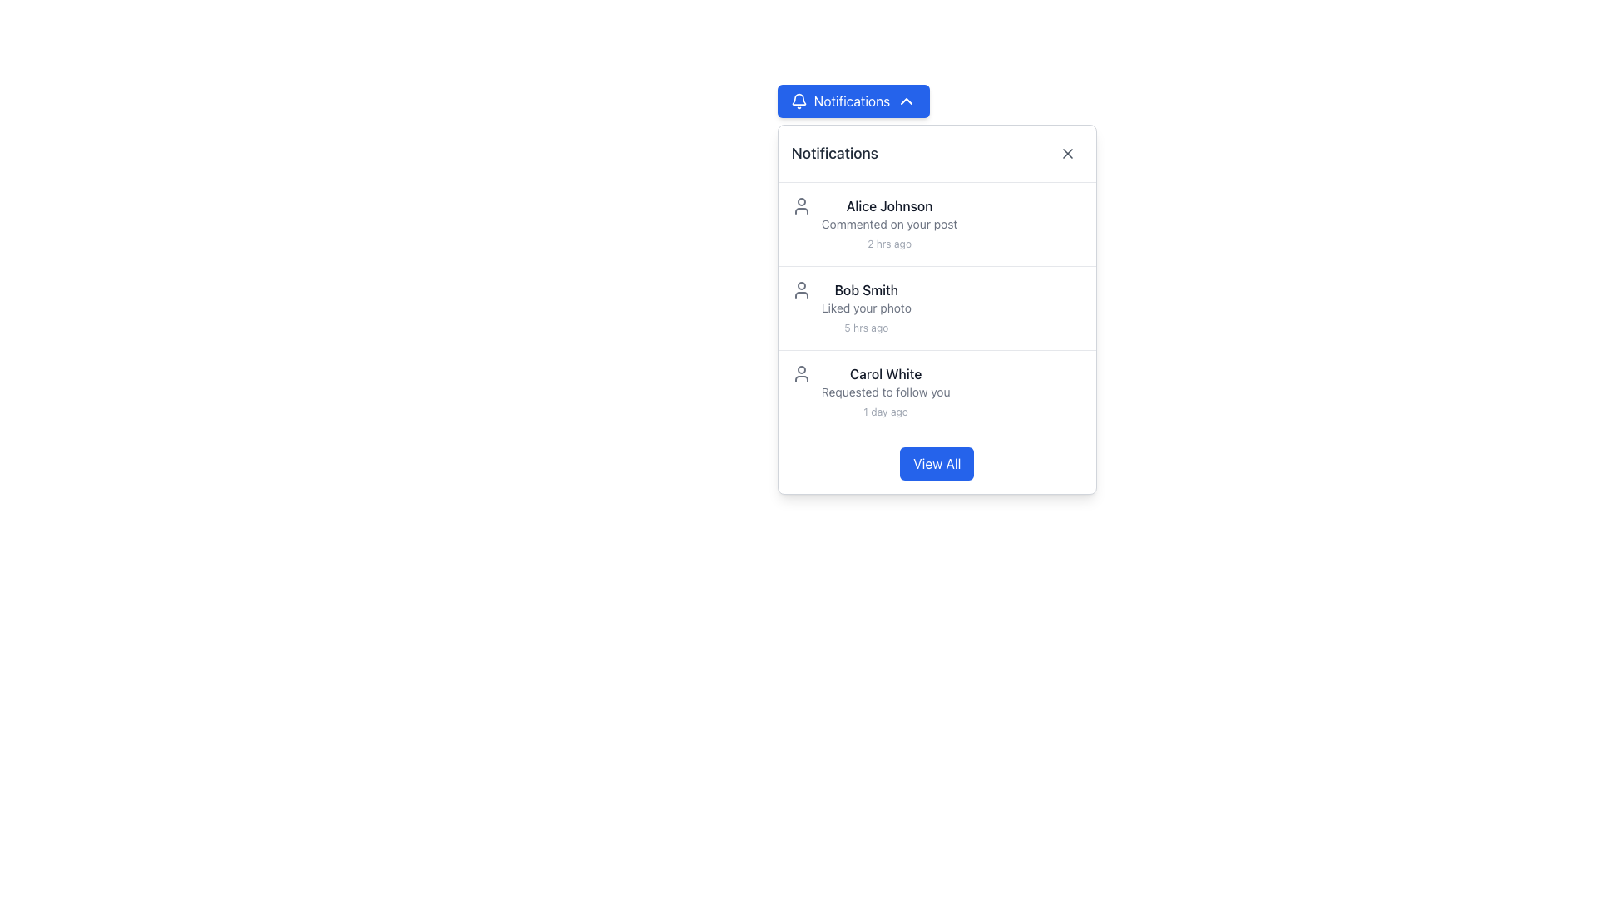 The width and height of the screenshot is (1597, 898). Describe the element at coordinates (885, 374) in the screenshot. I see `the text label displaying 'Carol White' in the third notification item within the notification modal` at that location.